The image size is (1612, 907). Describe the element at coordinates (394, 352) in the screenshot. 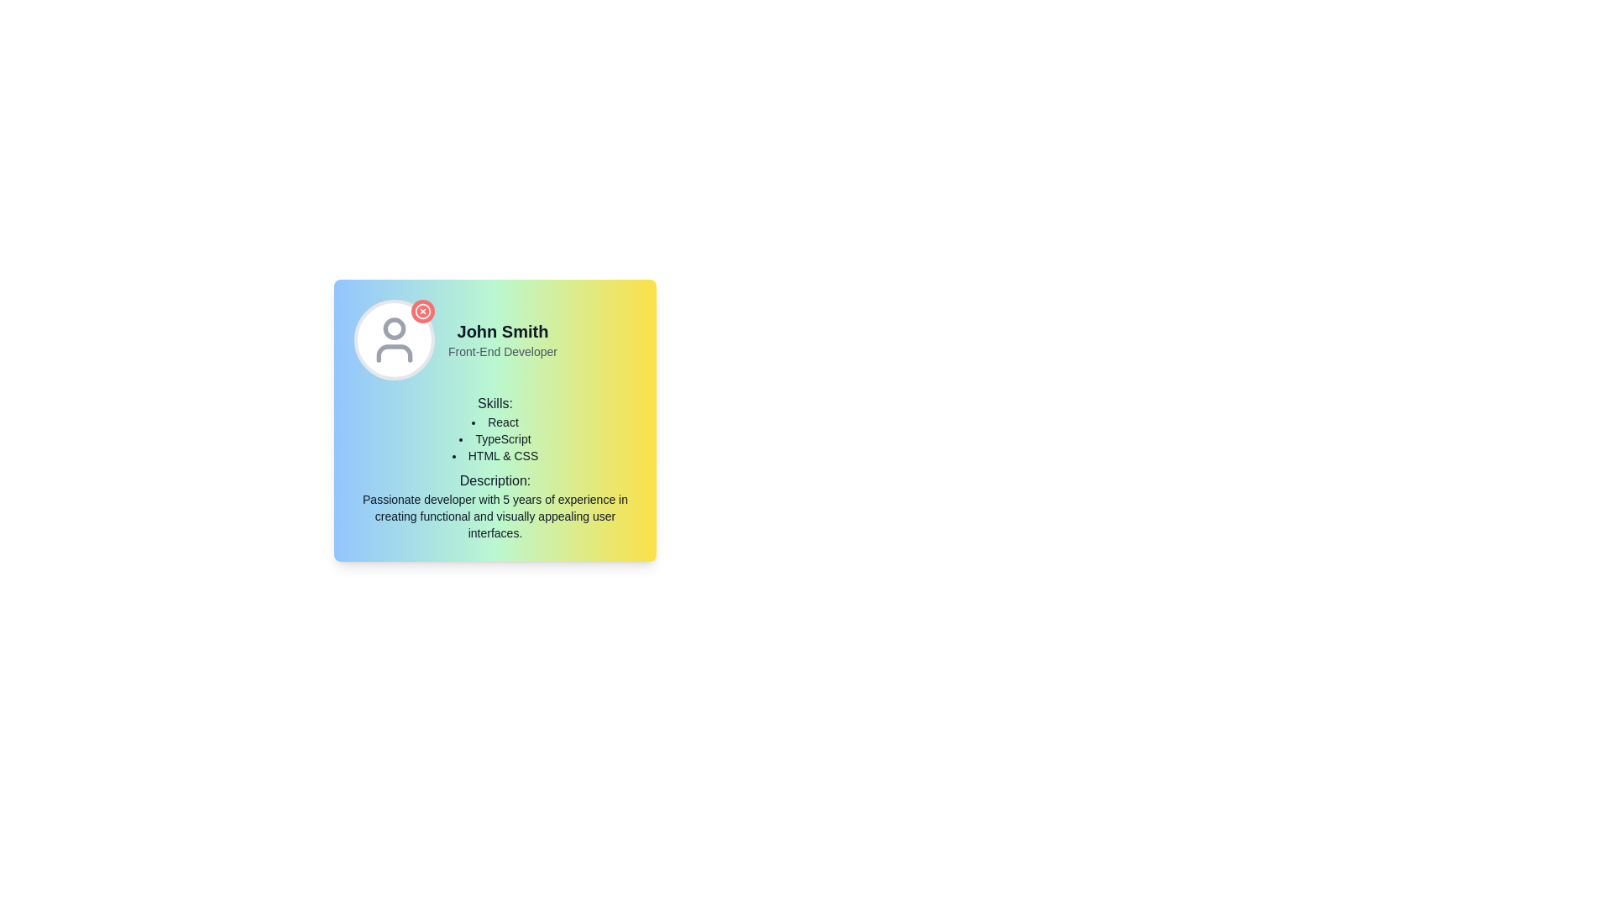

I see `the torso section of the user icon, which is represented as an outlined graphic element within the circular user icon` at that location.